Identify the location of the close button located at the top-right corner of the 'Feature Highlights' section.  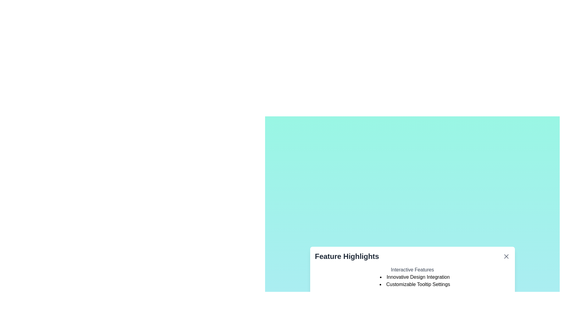
(506, 256).